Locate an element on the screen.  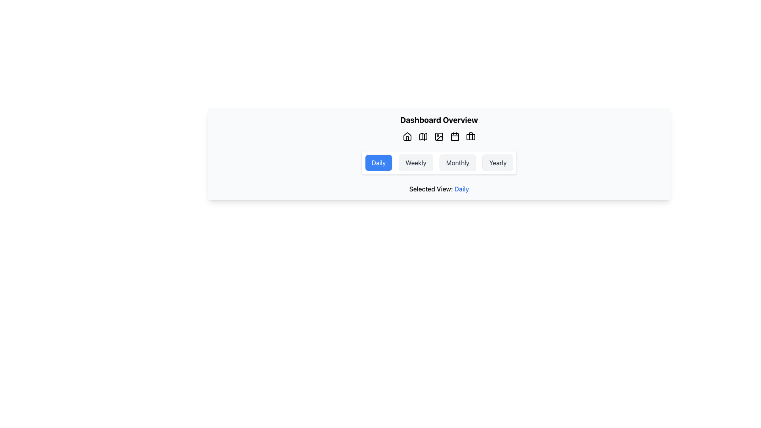
the 'Weekly' button is located at coordinates (415, 162).